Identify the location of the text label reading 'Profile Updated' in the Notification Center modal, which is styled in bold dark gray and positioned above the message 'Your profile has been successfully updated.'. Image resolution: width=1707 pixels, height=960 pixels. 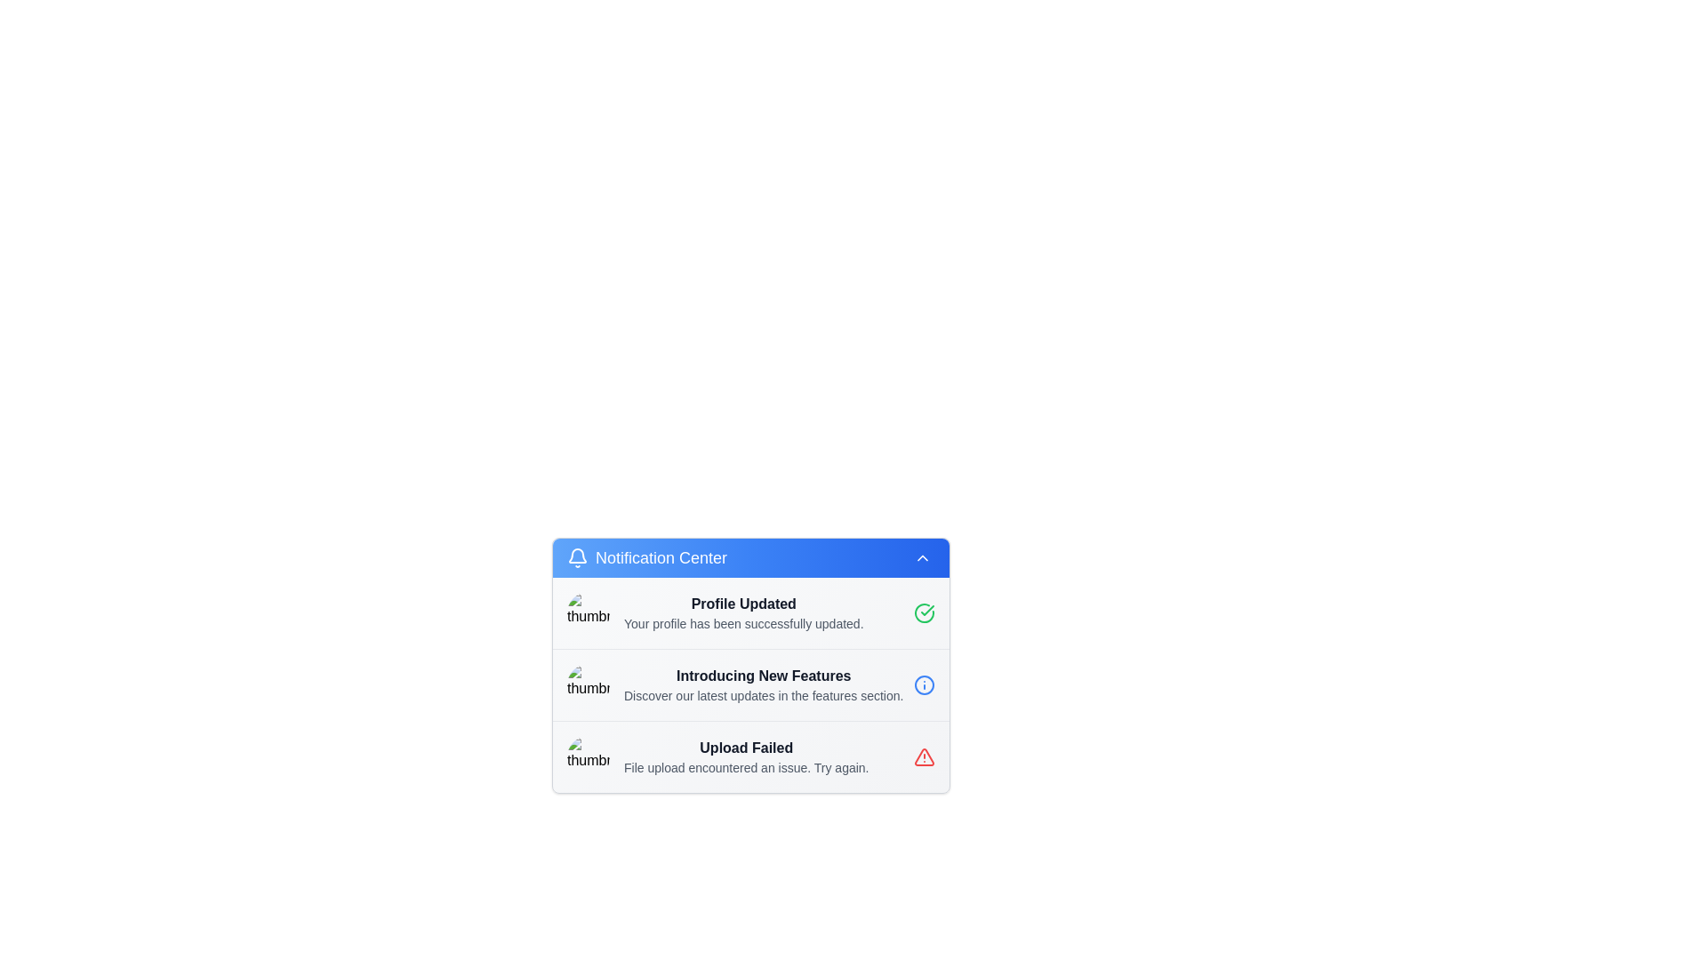
(743, 603).